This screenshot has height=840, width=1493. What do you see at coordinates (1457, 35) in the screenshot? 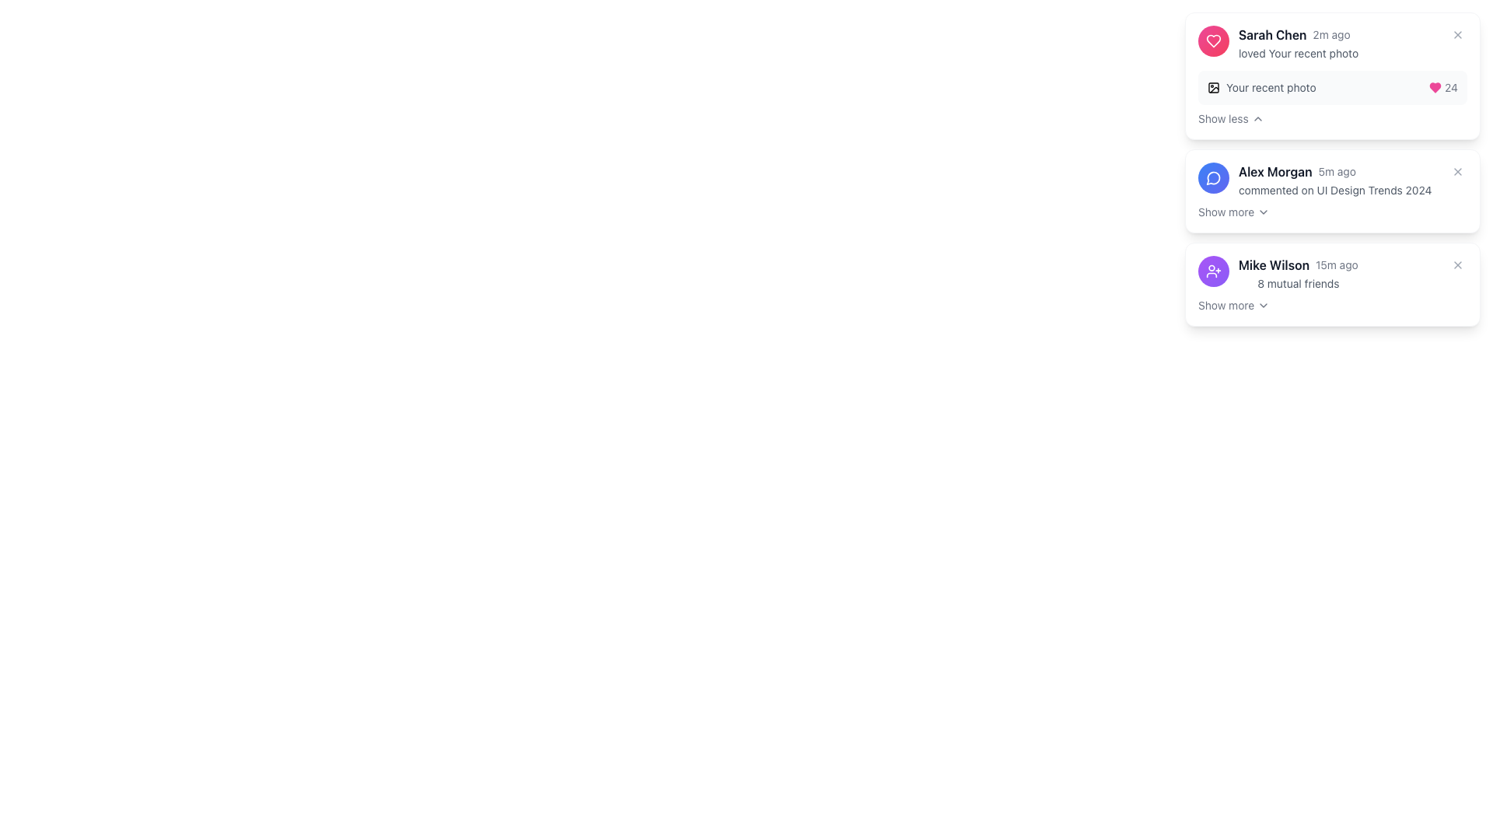
I see `the X button located at the top-right corner of the notification bubble from 'Sarah Chen'` at bounding box center [1457, 35].